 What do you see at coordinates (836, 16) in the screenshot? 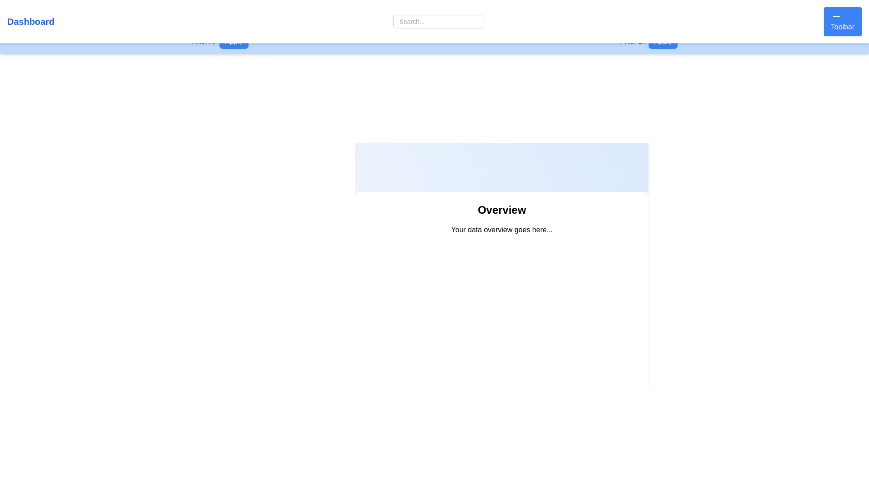
I see `the minimalist horizontal line icon located centrally within the blue 'Toolbar' button at the top-right corner of the interface` at bounding box center [836, 16].